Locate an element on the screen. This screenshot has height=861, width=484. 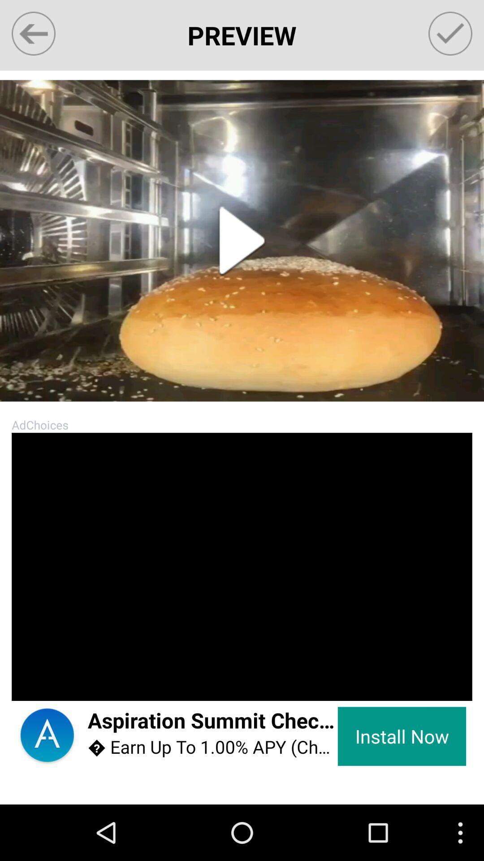
app next to preview item is located at coordinates (33, 34).